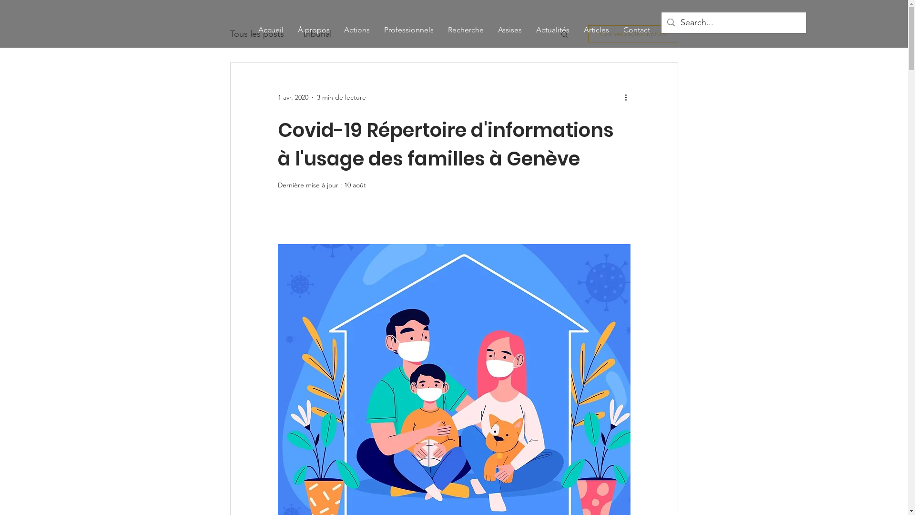 The height and width of the screenshot is (515, 915). I want to click on 'Accueil', so click(270, 29).